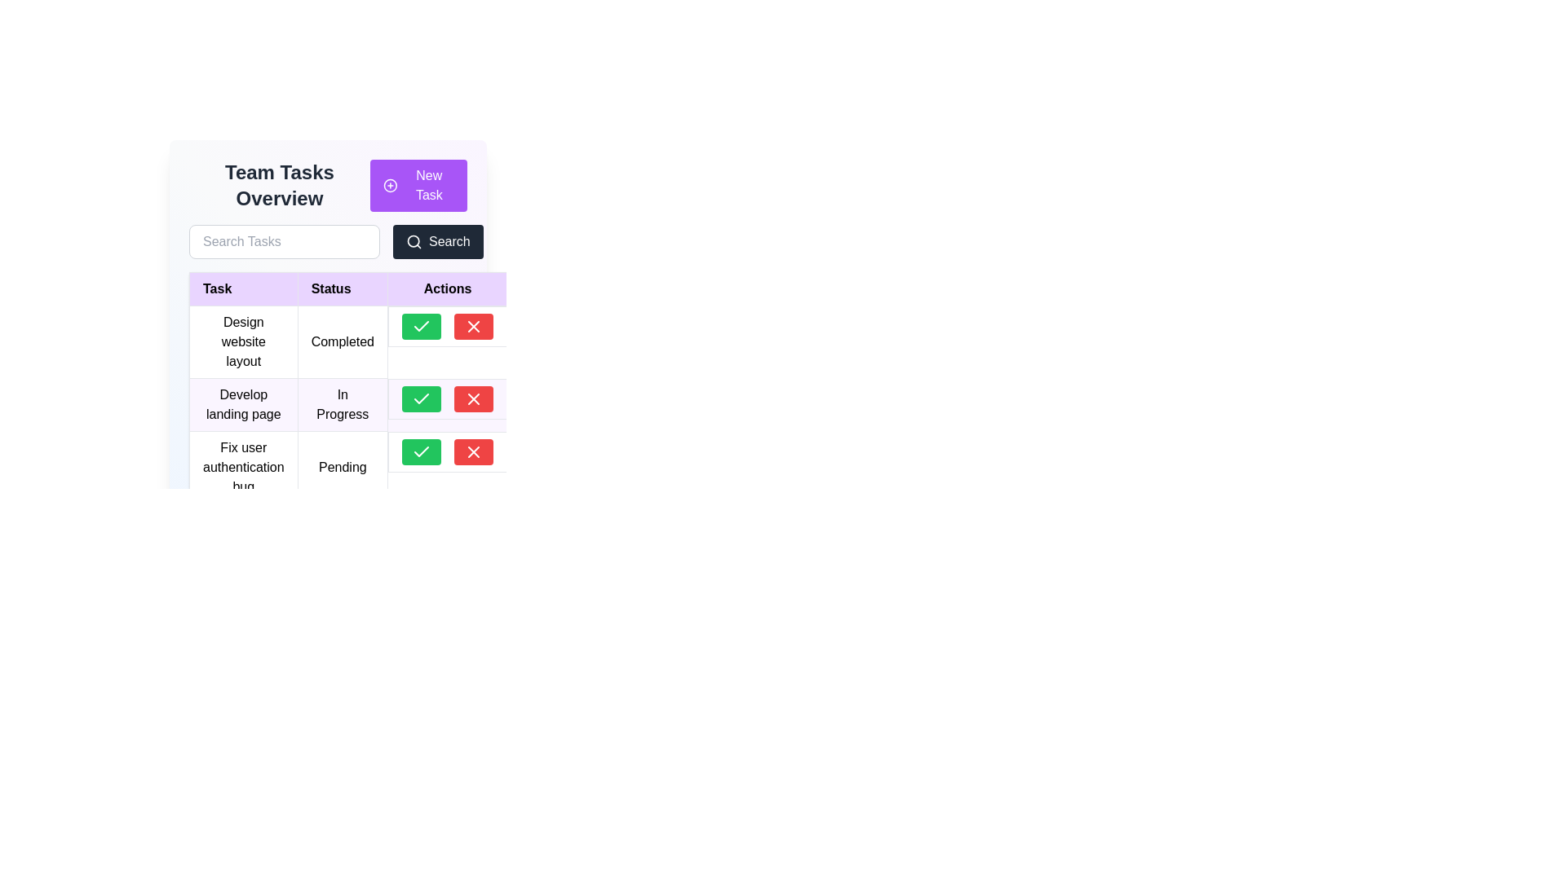 Image resolution: width=1566 pixels, height=880 pixels. What do you see at coordinates (242, 404) in the screenshot?
I see `the text label that displays 'Develop landing page', which is located in the second row under the 'Task' column, aligning with the 'In Progress' status` at bounding box center [242, 404].